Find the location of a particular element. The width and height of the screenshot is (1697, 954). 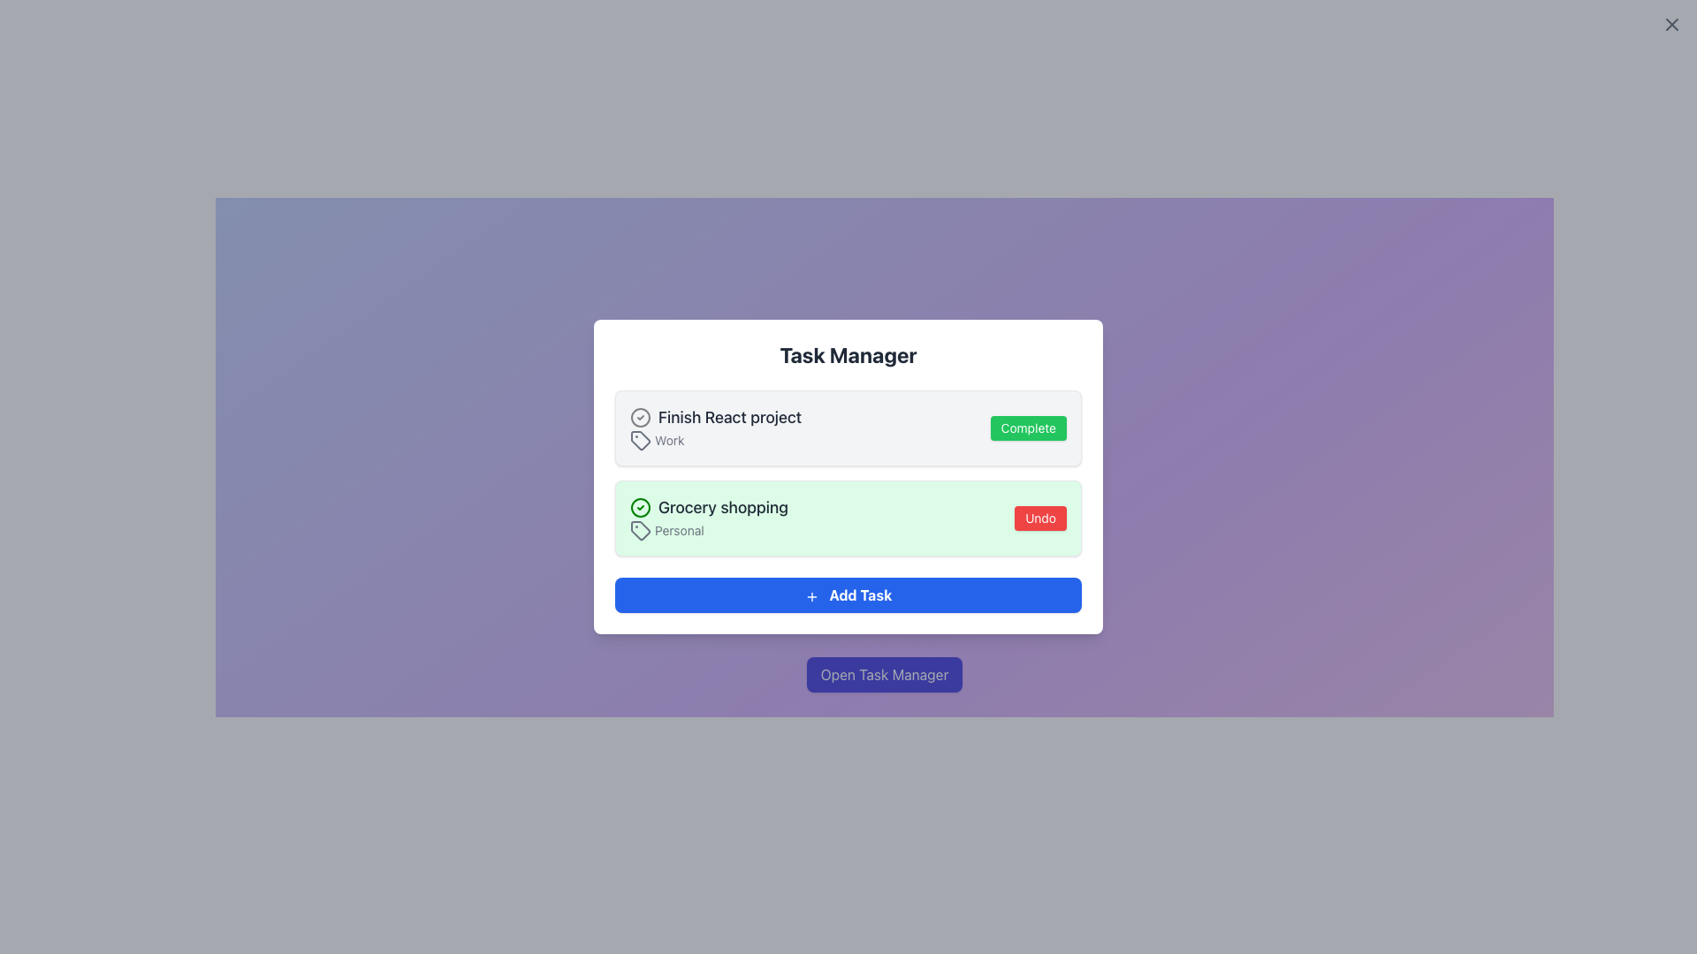

the Close or Cancel icon, represented by a minimalistic 'X' symbol located at the upper-right corner of the application interface is located at coordinates (1670, 24).